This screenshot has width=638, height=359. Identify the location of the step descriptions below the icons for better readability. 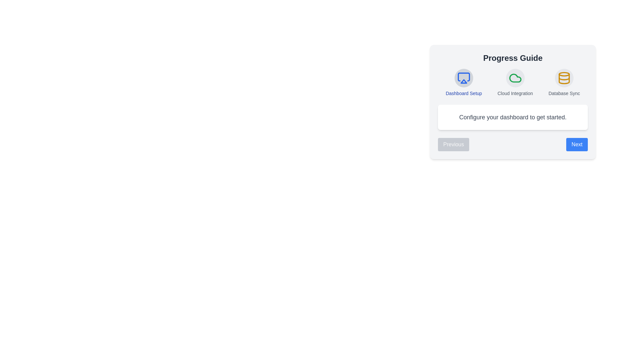
(463, 93).